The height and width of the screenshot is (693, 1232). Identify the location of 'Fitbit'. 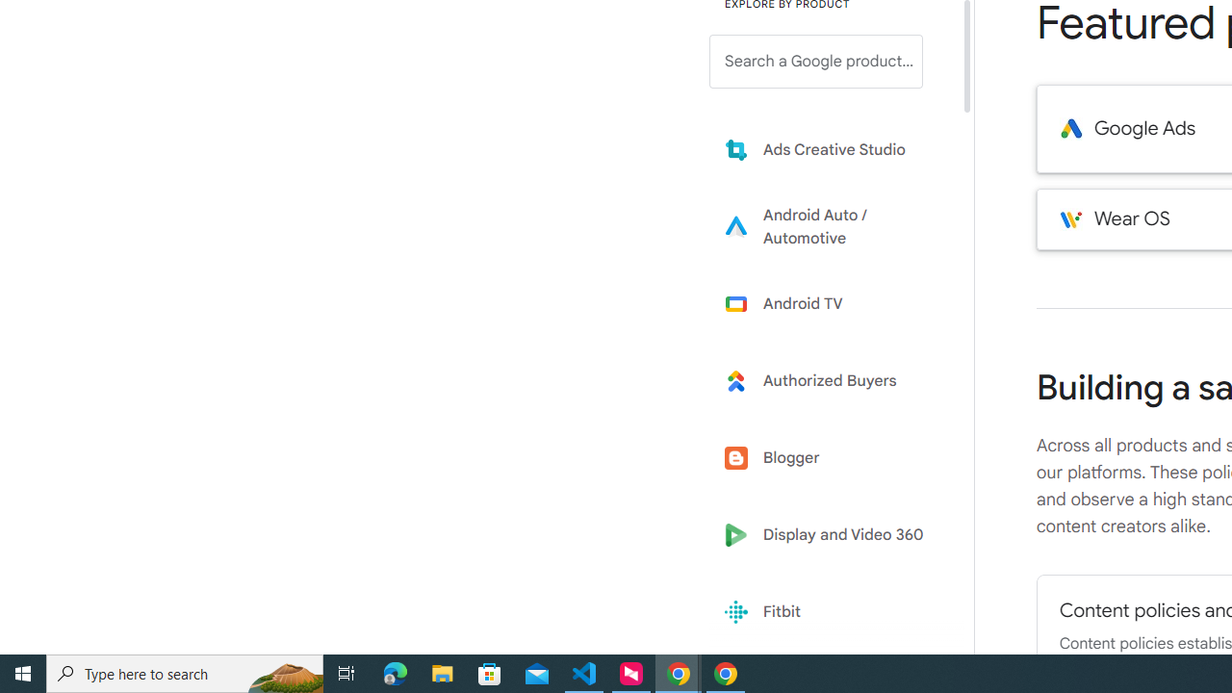
(830, 612).